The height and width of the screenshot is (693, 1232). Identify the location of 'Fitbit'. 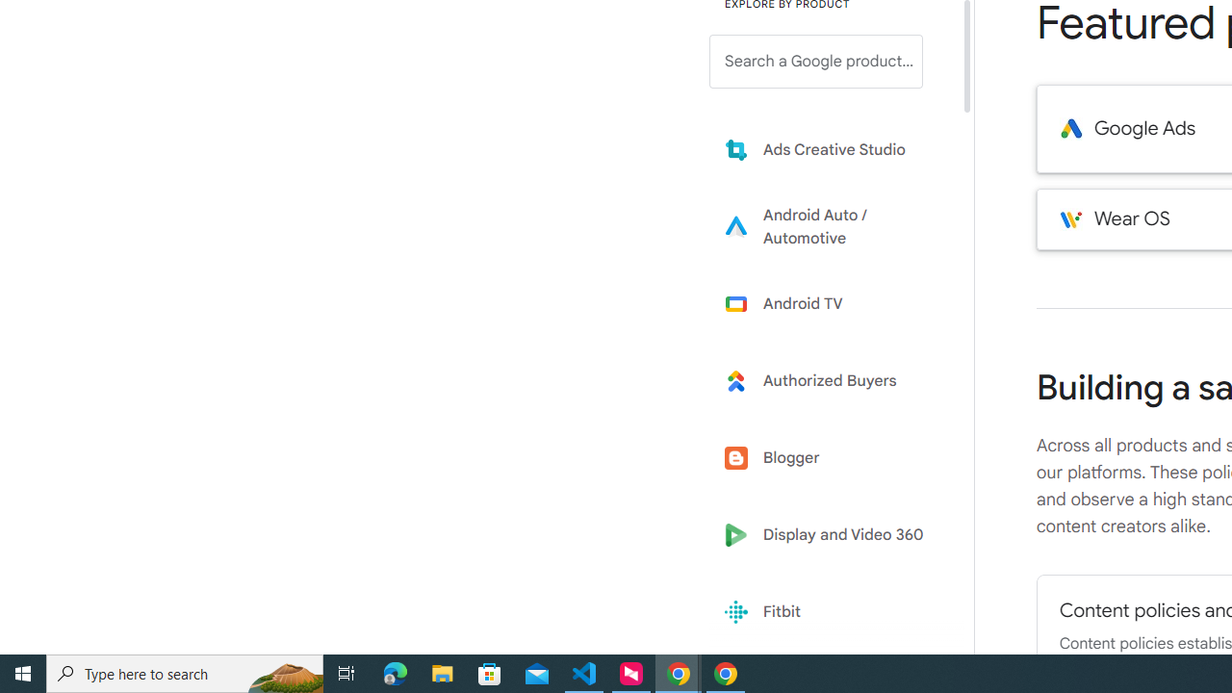
(830, 612).